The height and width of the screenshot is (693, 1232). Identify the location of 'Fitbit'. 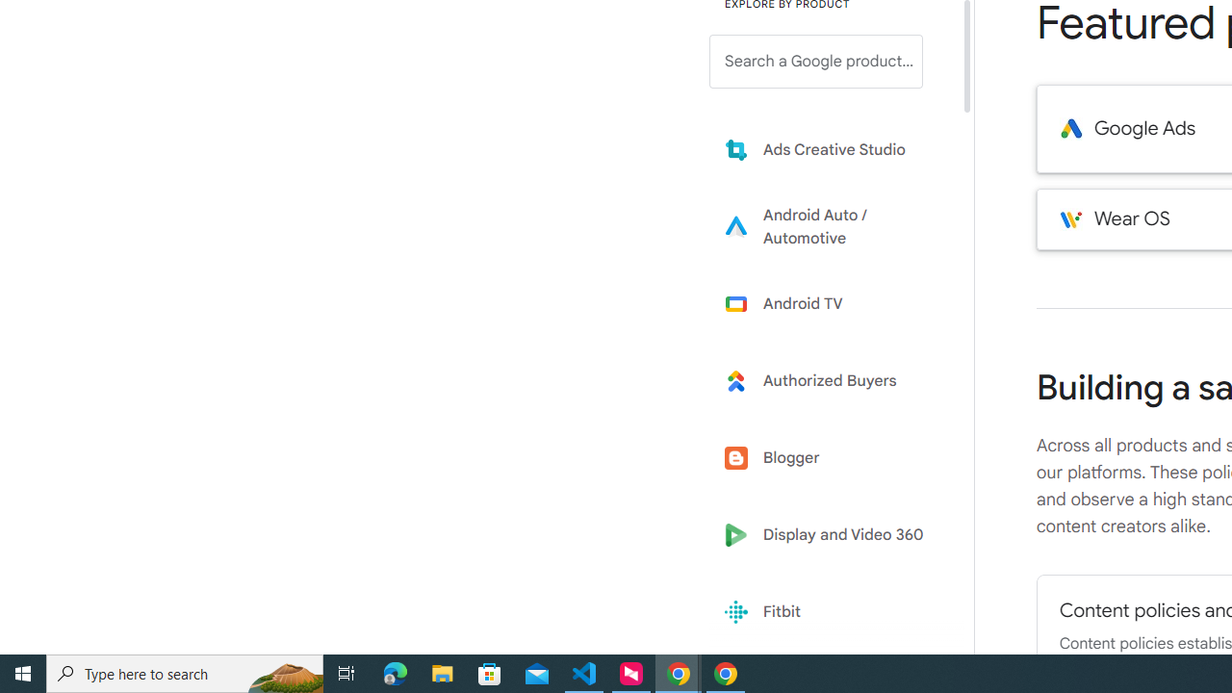
(830, 612).